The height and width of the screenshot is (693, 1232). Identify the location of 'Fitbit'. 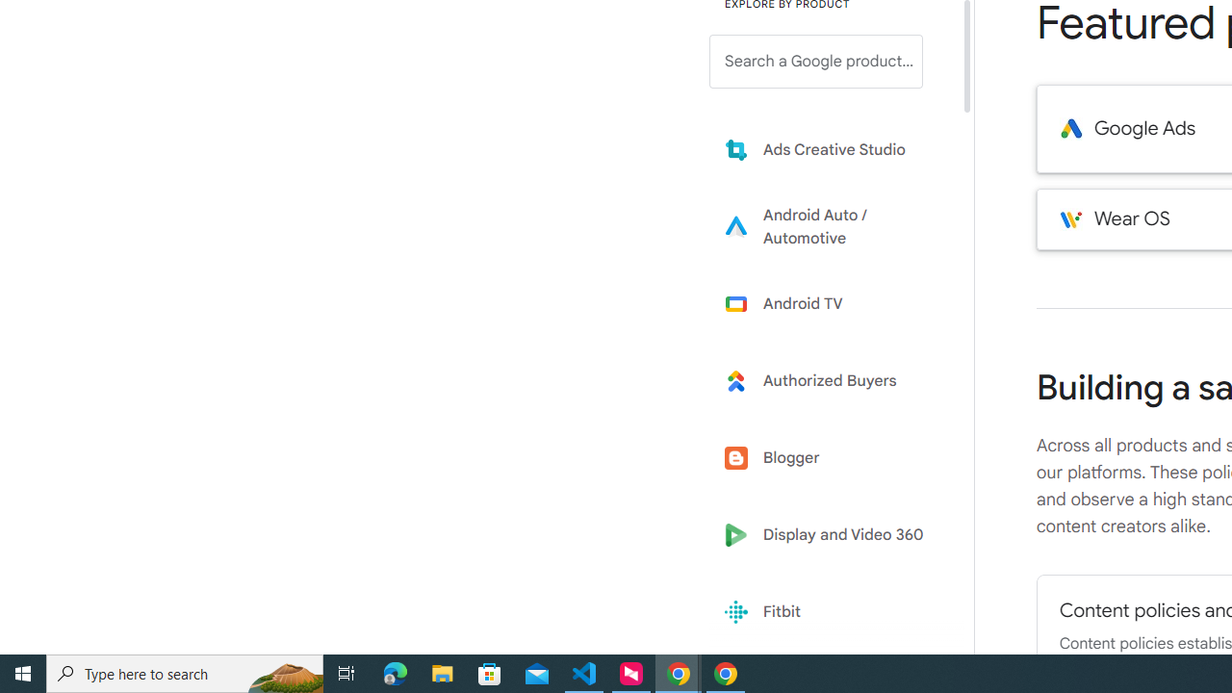
(830, 612).